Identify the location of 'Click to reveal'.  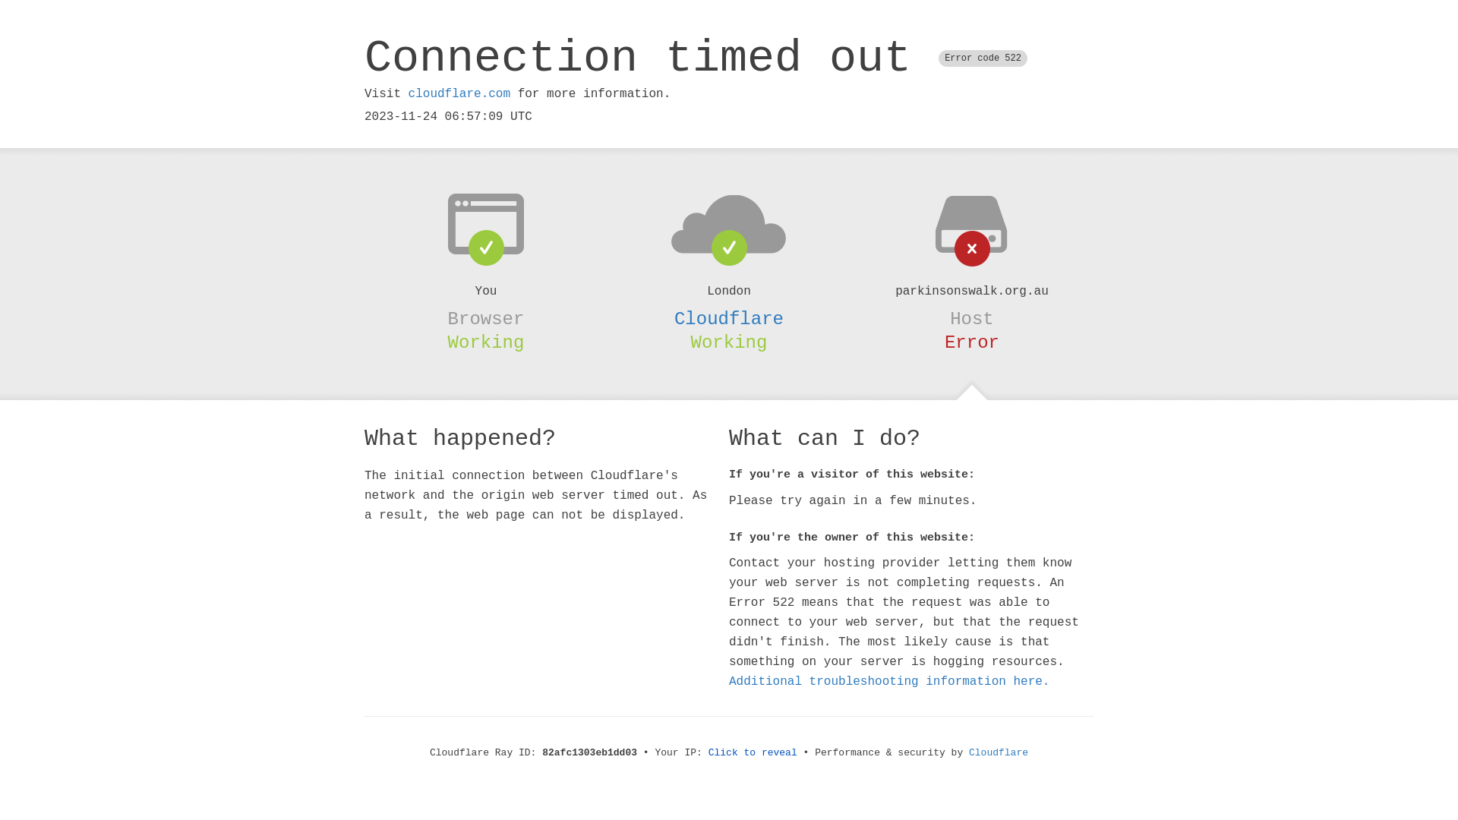
(753, 752).